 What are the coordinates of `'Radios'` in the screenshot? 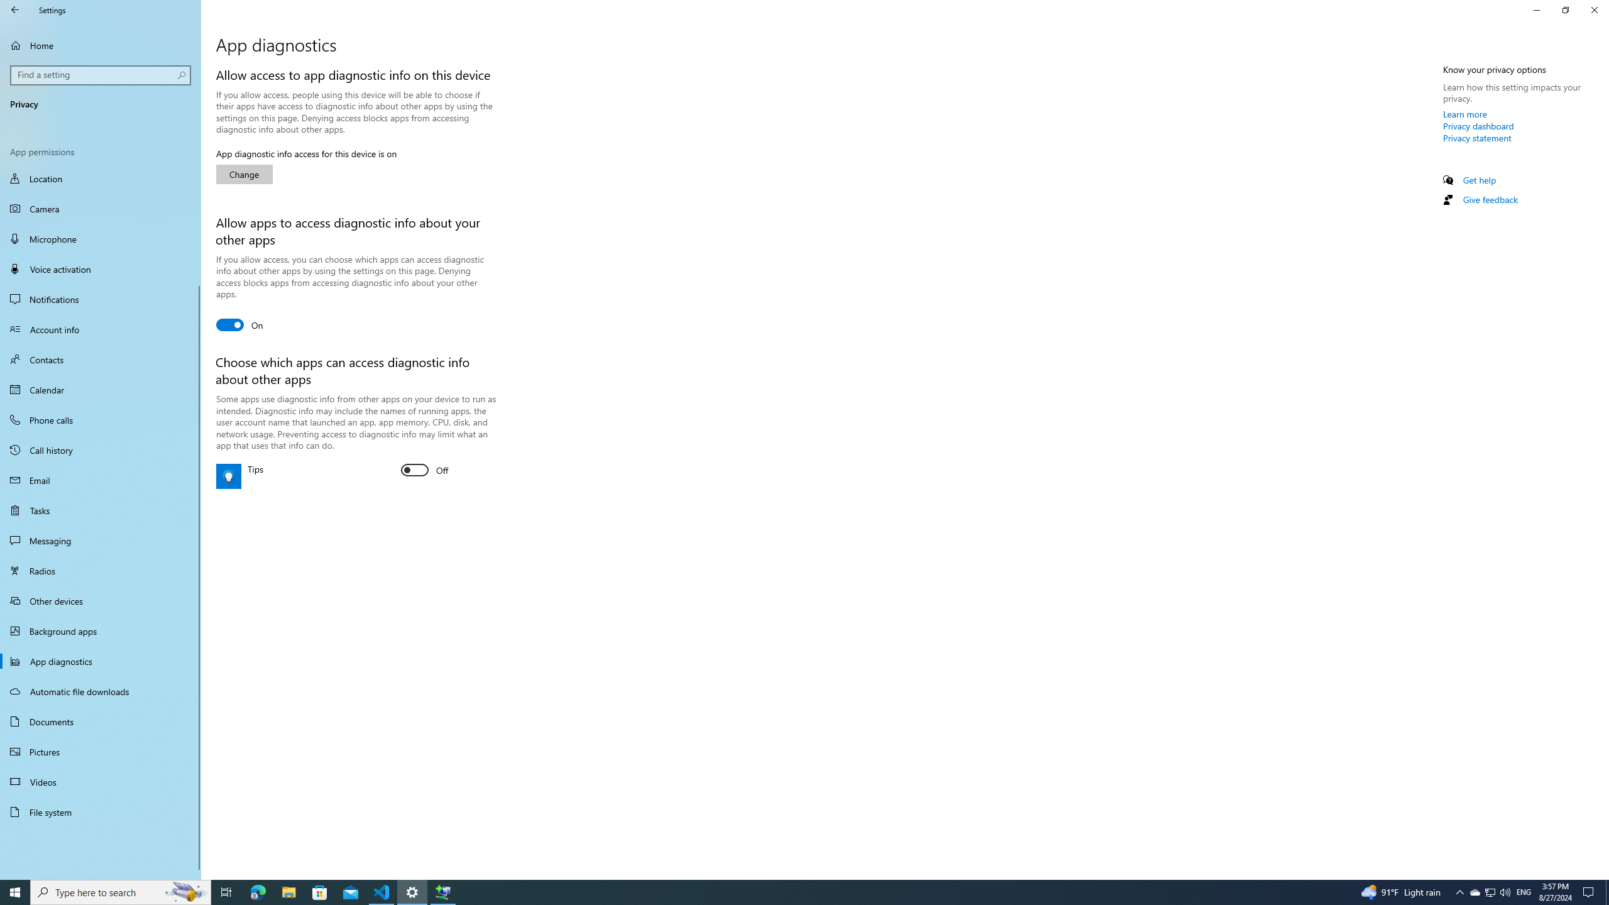 It's located at (100, 570).